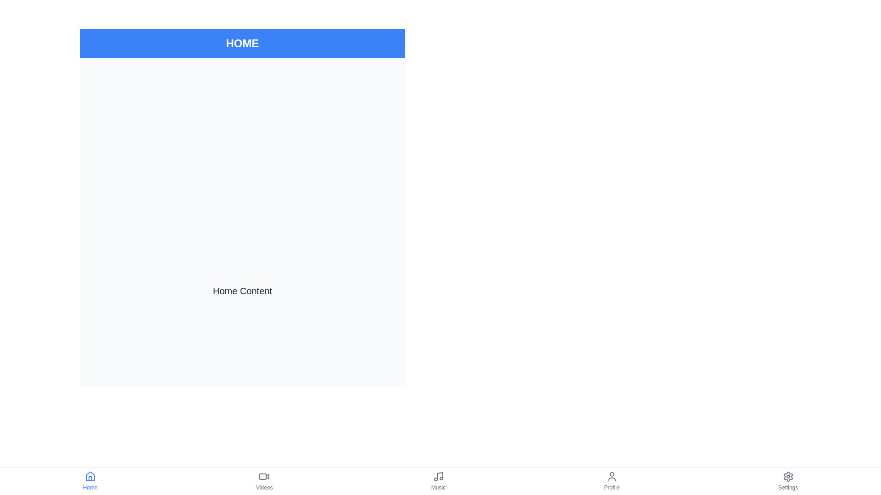 The height and width of the screenshot is (495, 881). What do you see at coordinates (262, 476) in the screenshot?
I see `the 'Videos' tab, represented by the body part of a video camera icon, in the bottom navigation bar` at bounding box center [262, 476].